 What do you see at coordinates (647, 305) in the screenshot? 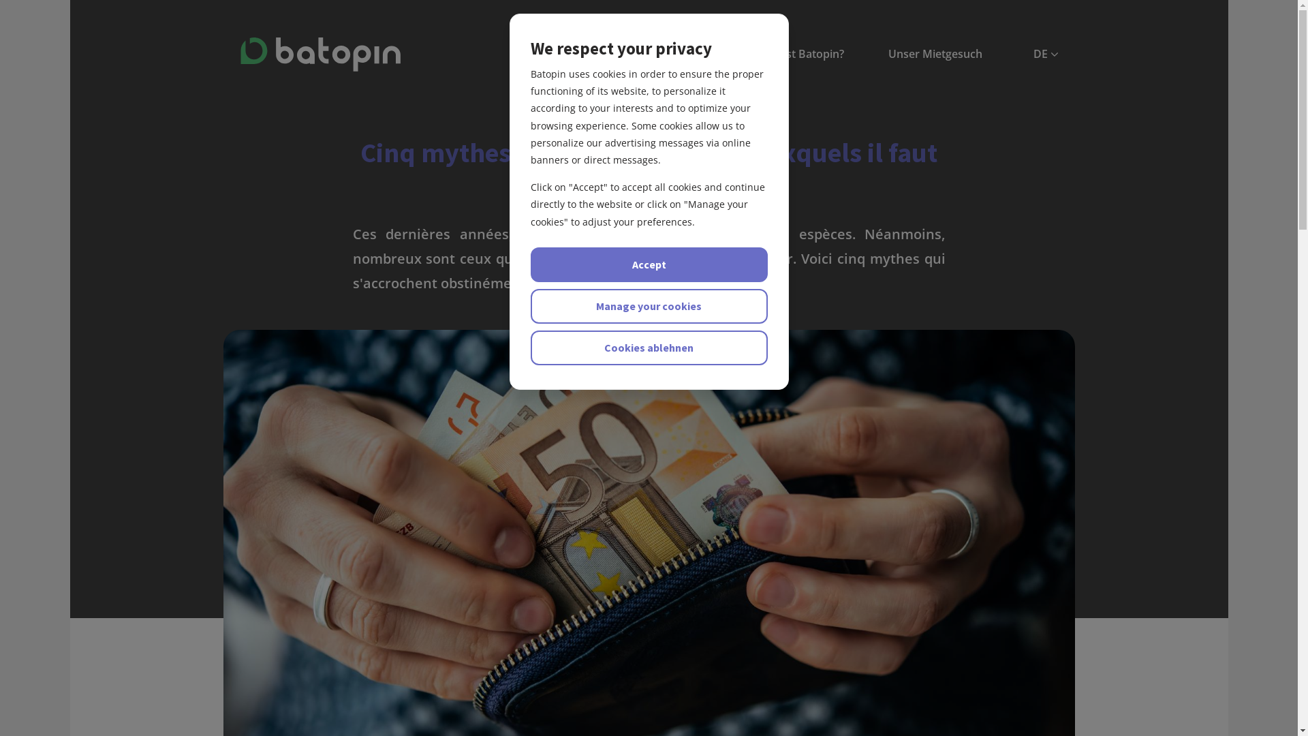
I see `'Manage your cookies'` at bounding box center [647, 305].